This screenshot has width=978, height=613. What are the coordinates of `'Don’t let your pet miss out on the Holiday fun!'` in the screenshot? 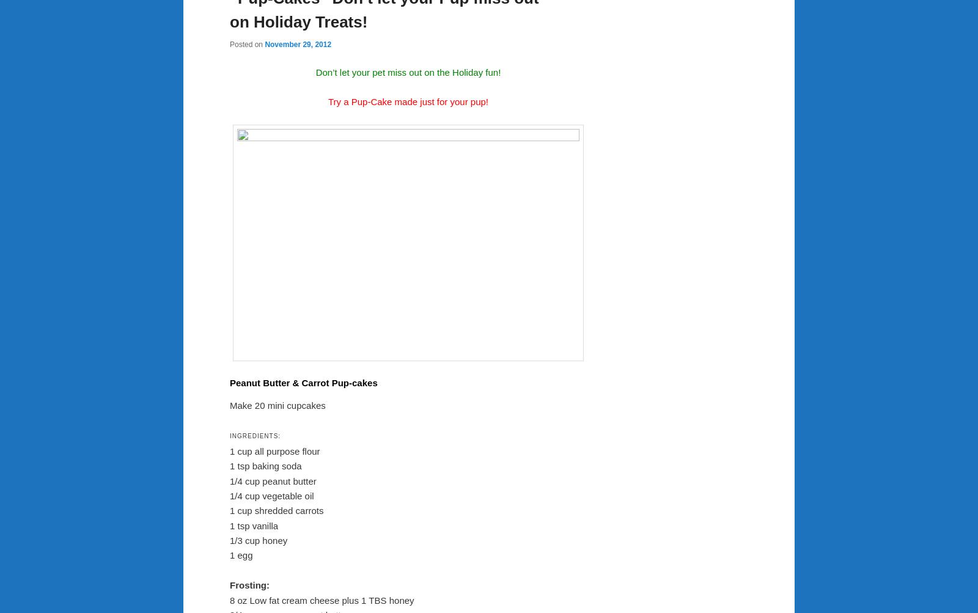 It's located at (315, 71).